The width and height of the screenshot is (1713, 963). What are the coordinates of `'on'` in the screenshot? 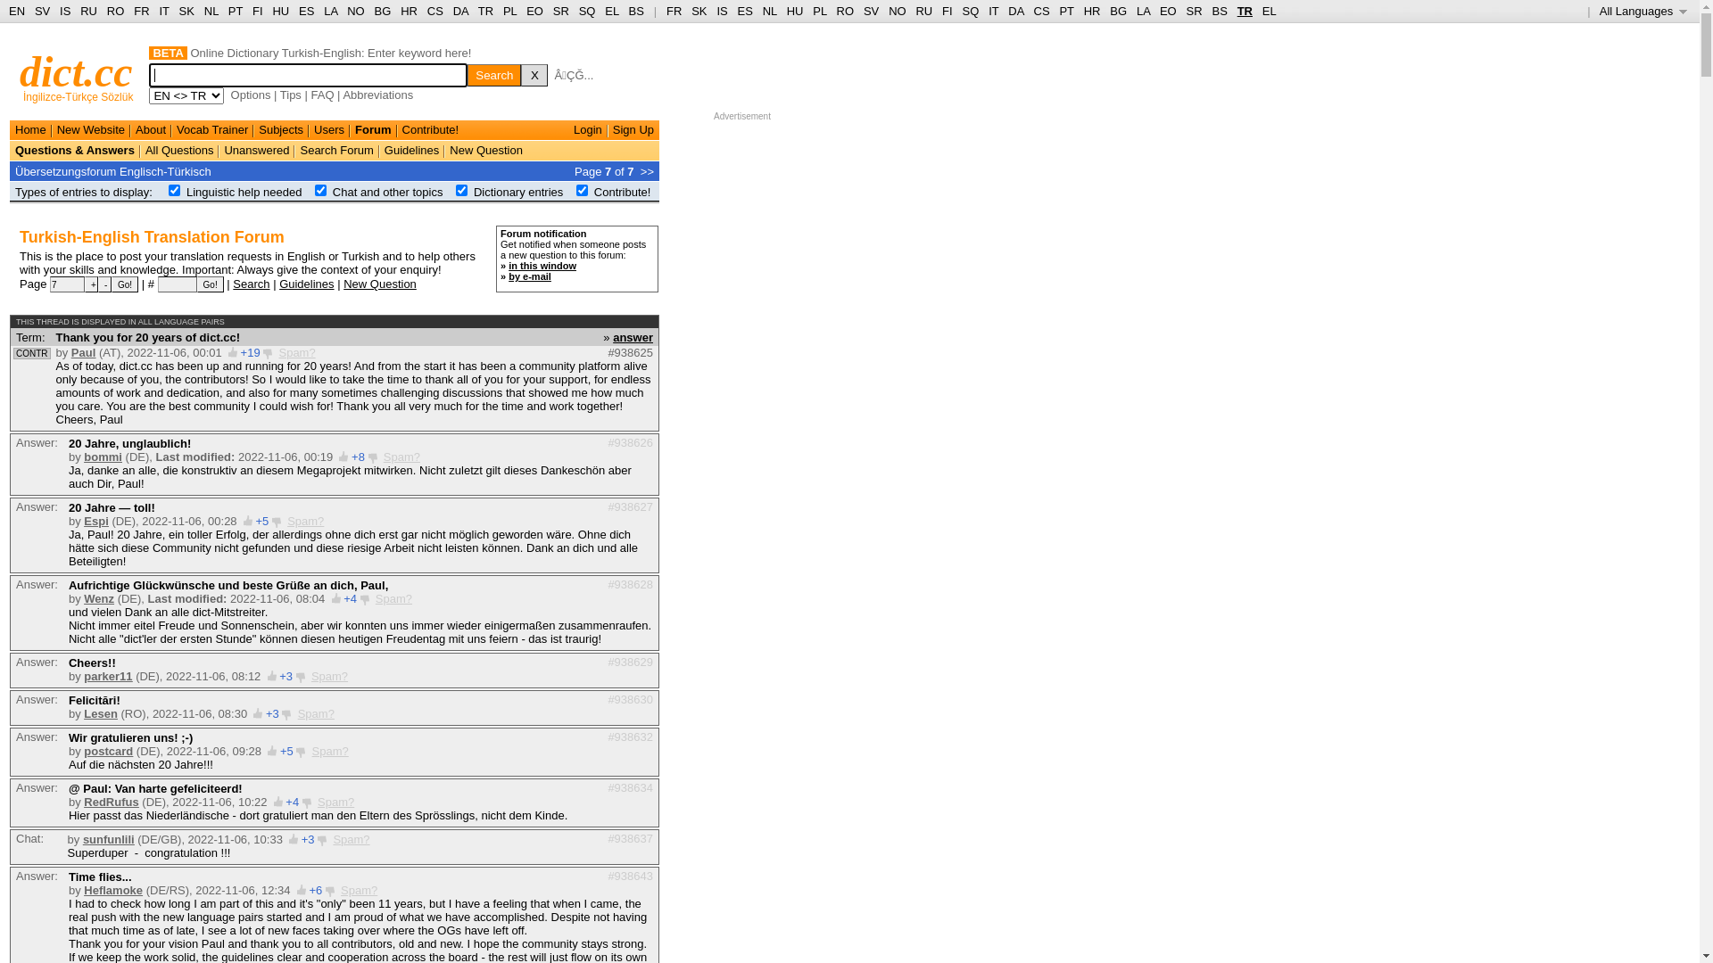 It's located at (174, 190).